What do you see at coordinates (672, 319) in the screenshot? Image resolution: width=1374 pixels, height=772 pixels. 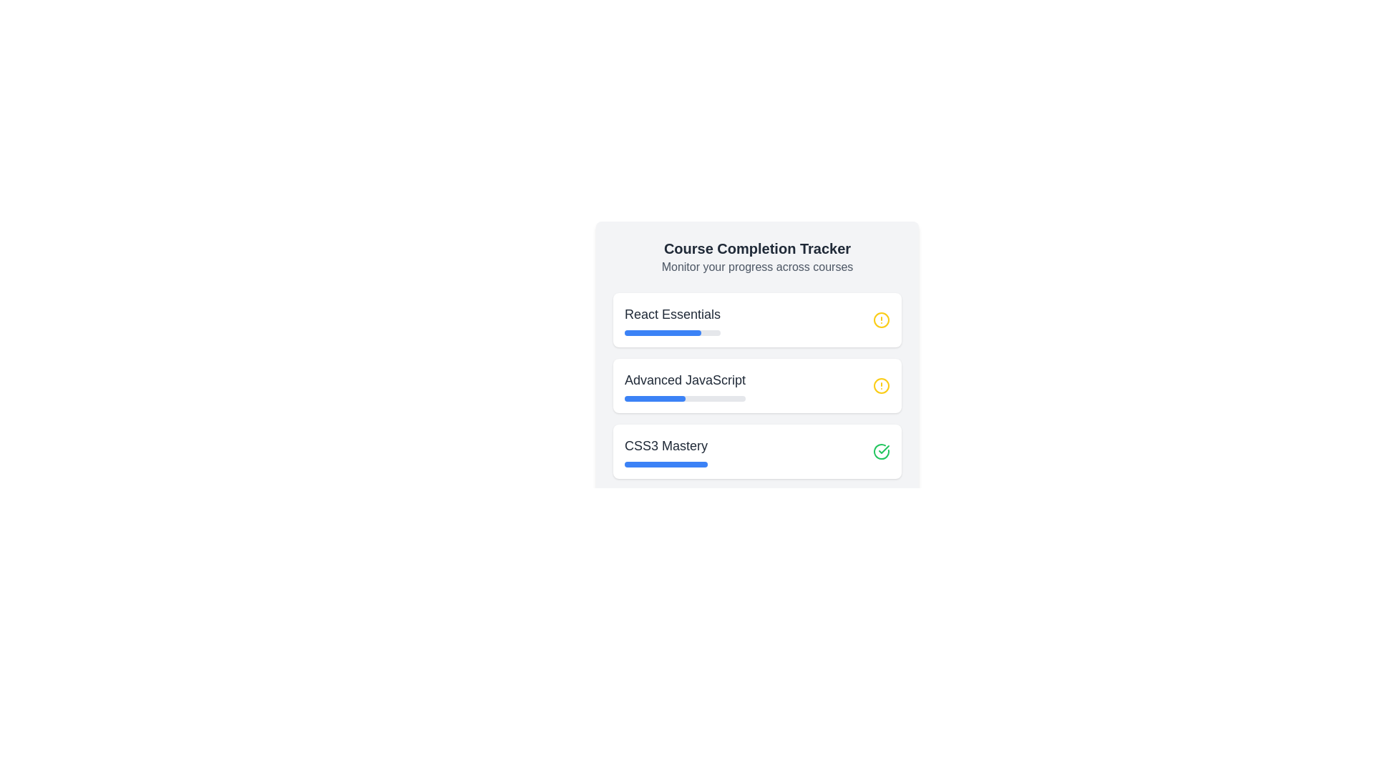 I see `the progress bar of the first List Item with Progress Indicator for the course 'React Essentials'` at bounding box center [672, 319].